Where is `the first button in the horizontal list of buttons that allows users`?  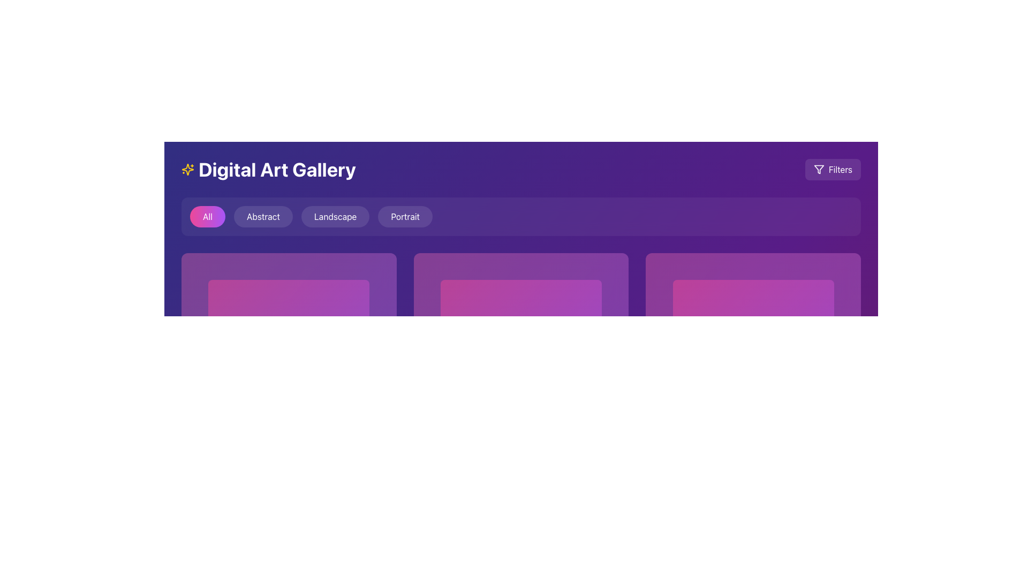
the first button in the horizontal list of buttons that allows users is located at coordinates (208, 217).